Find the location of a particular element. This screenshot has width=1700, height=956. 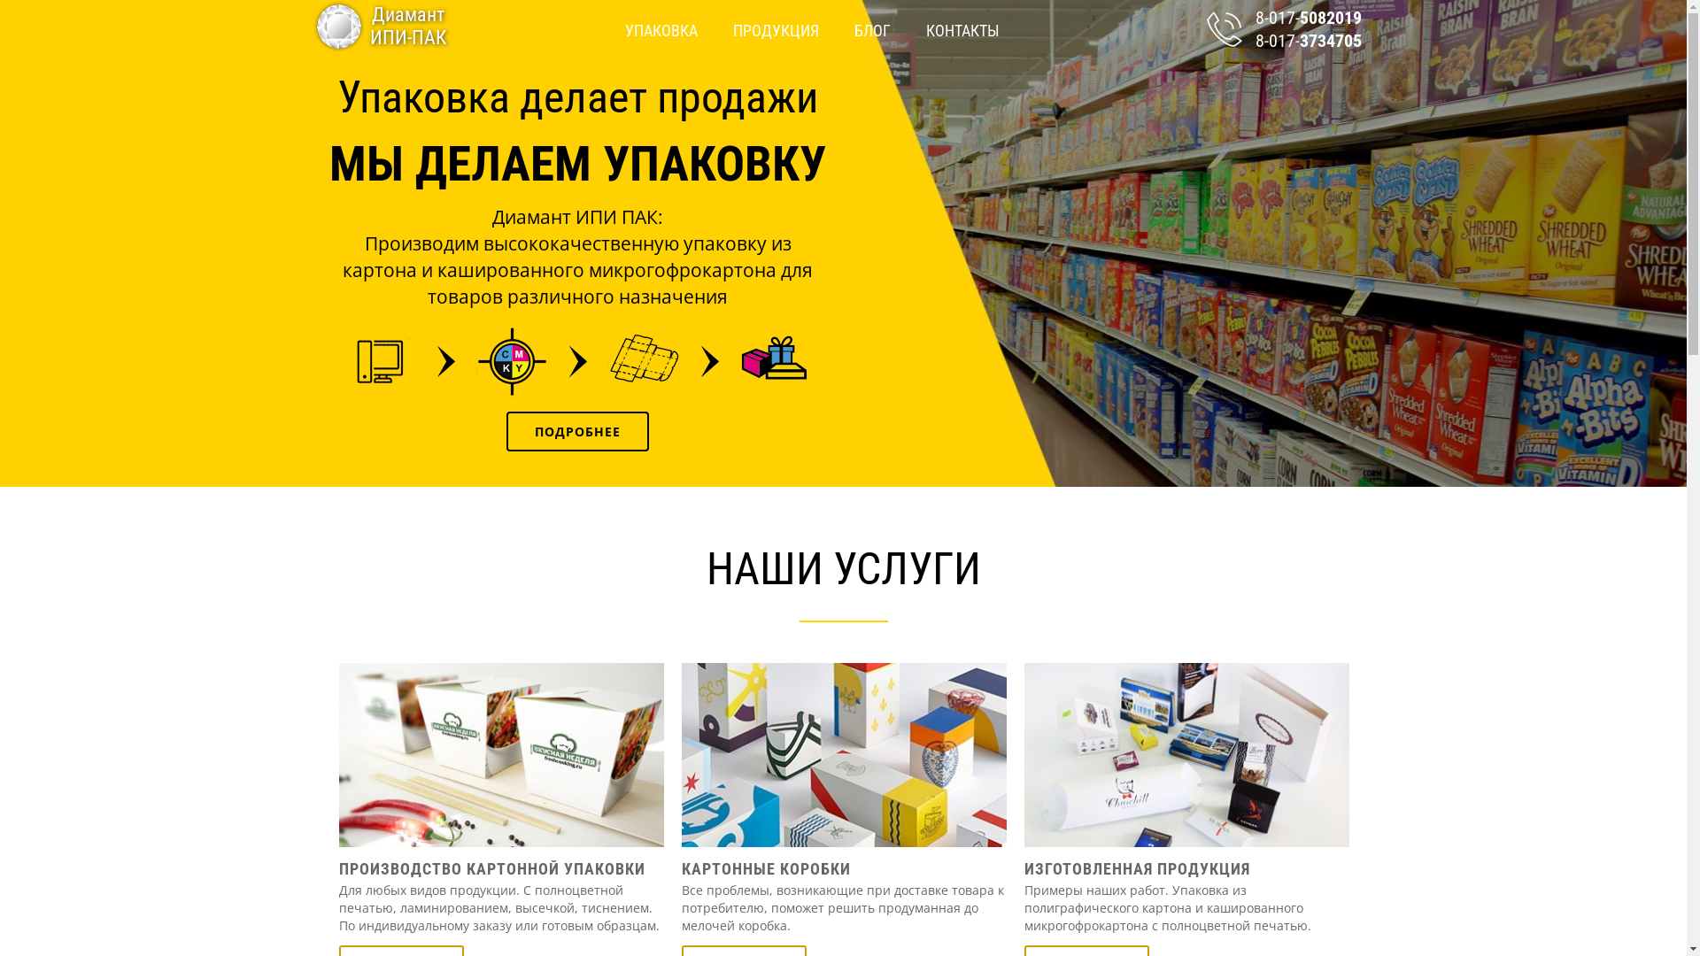

'8-017-5082019' is located at coordinates (1290, 18).